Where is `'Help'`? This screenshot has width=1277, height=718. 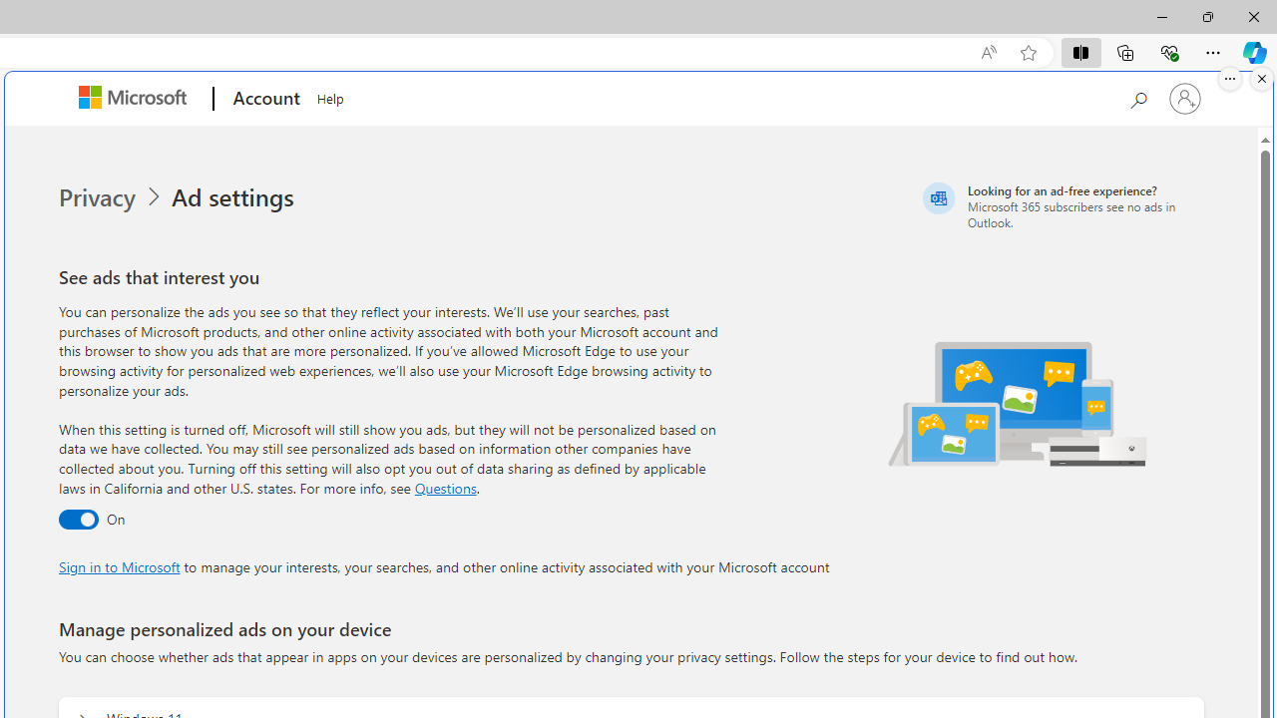
'Help' is located at coordinates (330, 96).